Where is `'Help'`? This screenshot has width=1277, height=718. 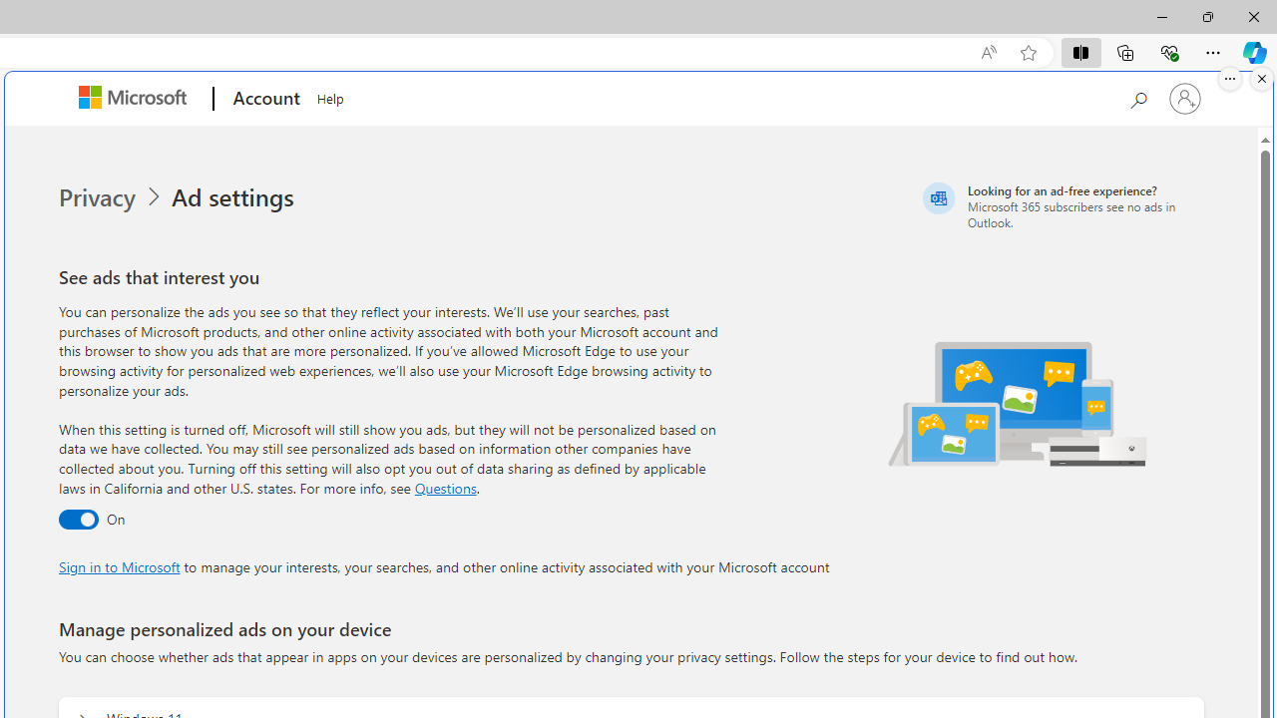
'Help' is located at coordinates (330, 96).